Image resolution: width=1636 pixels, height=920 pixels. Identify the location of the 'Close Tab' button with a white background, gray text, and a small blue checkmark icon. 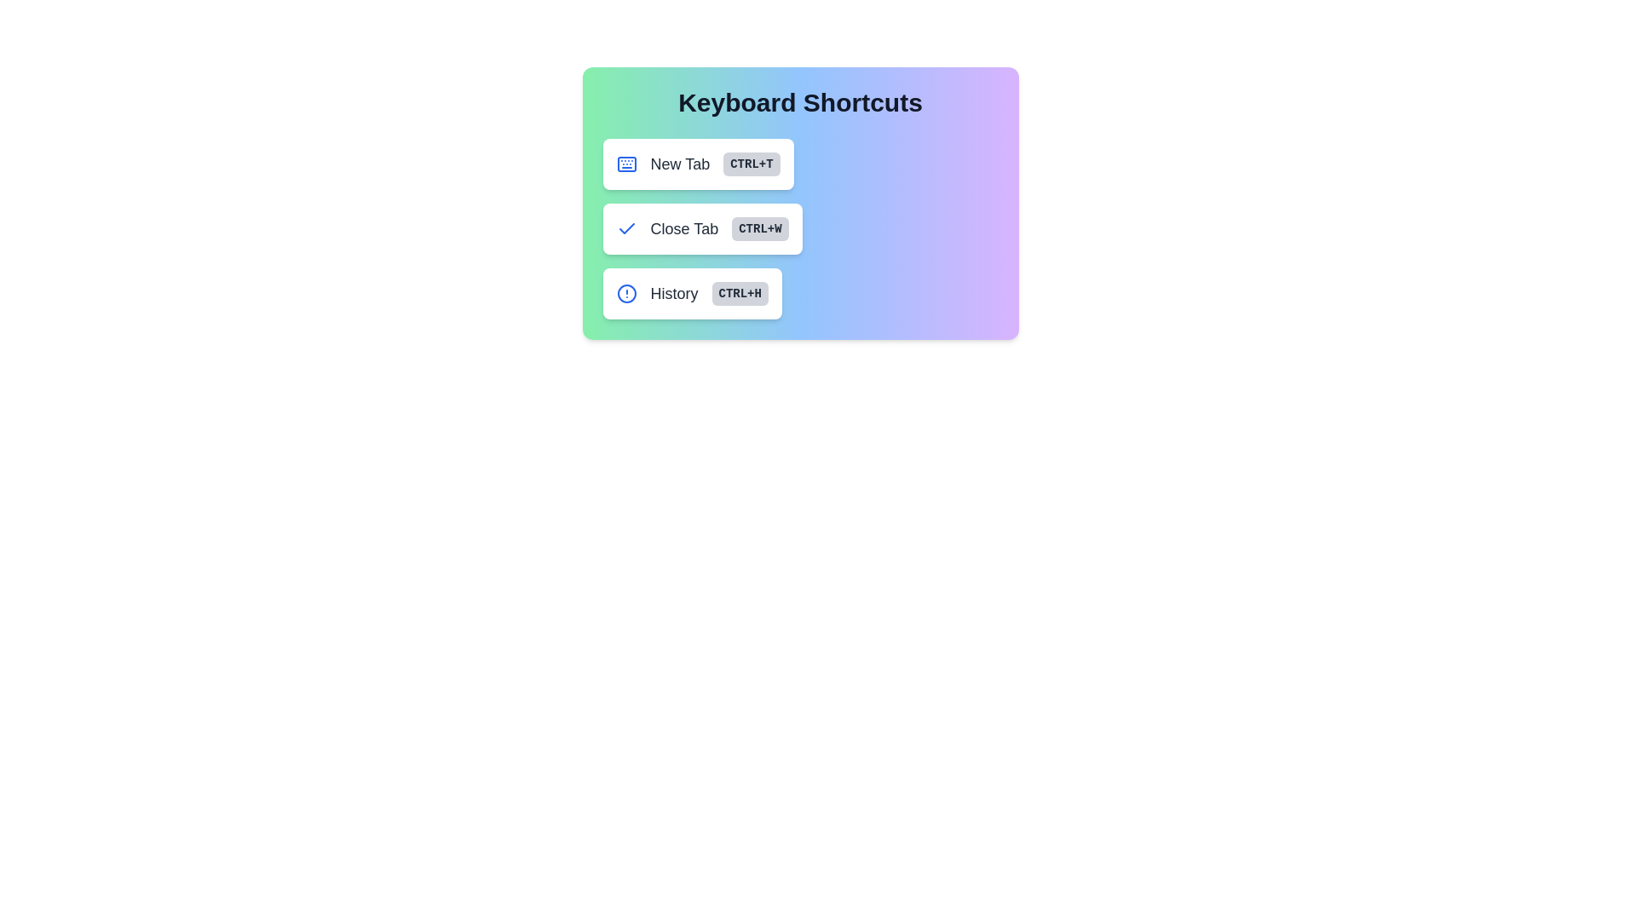
(702, 228).